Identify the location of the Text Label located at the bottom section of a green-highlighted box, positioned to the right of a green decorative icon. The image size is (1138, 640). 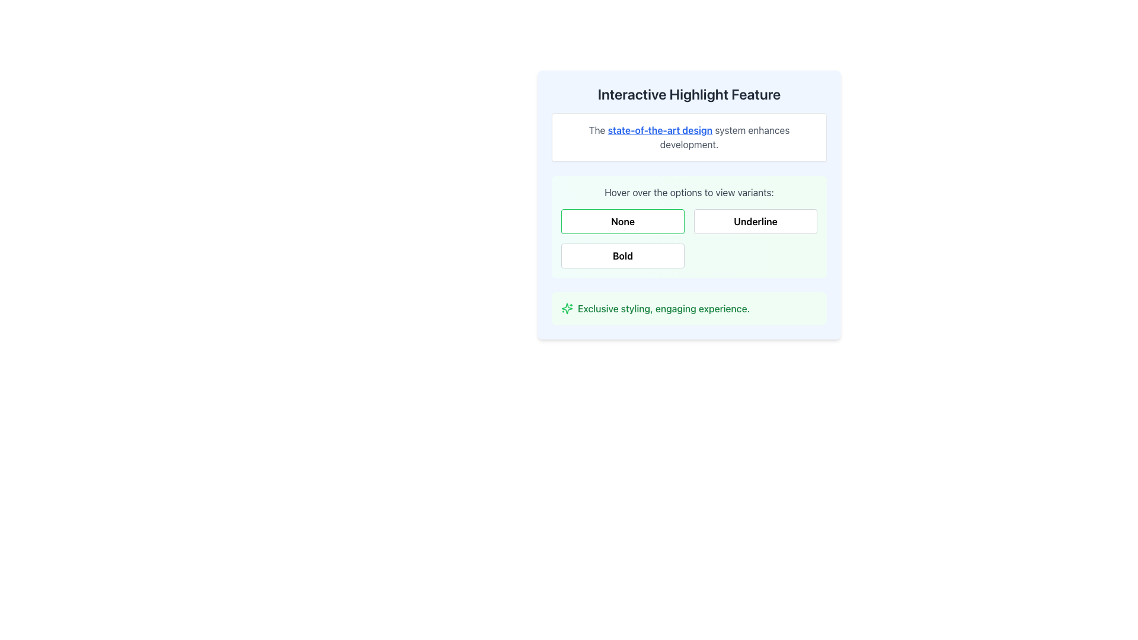
(664, 308).